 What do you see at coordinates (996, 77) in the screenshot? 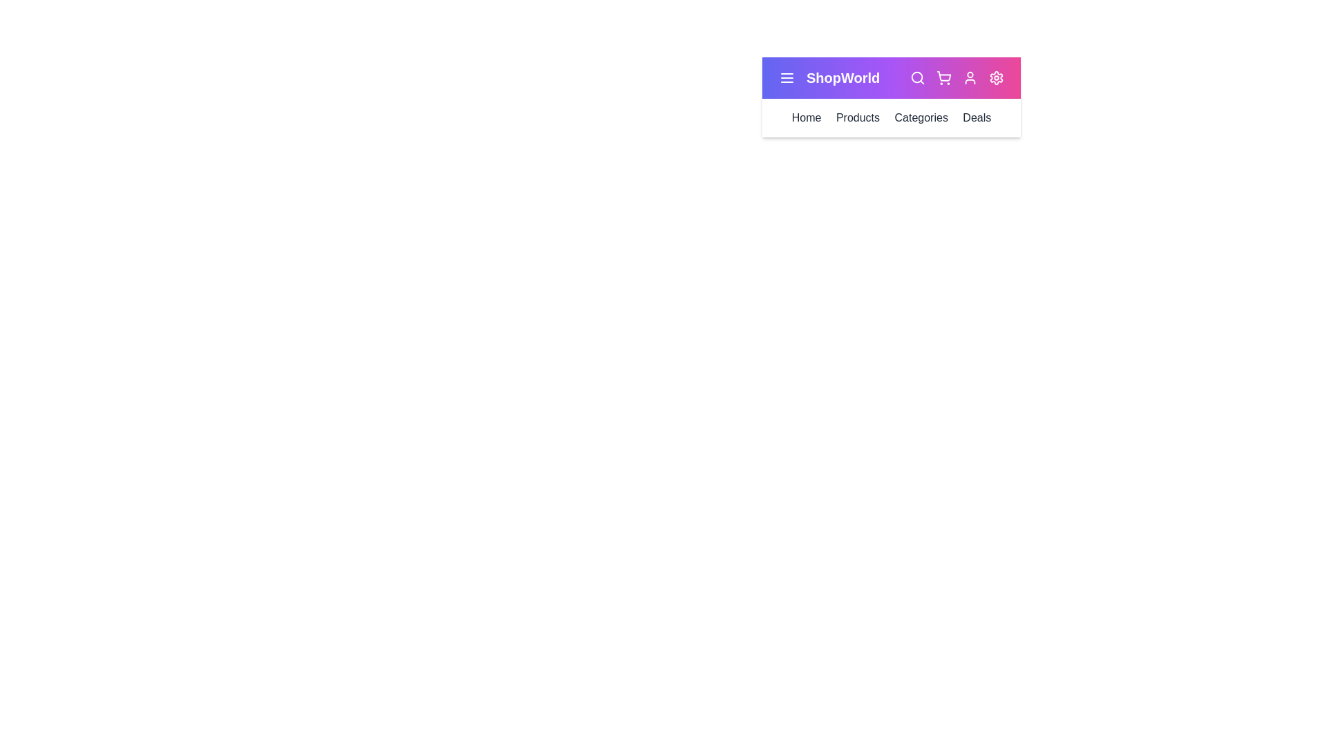
I see `the settings icon to access settings` at bounding box center [996, 77].